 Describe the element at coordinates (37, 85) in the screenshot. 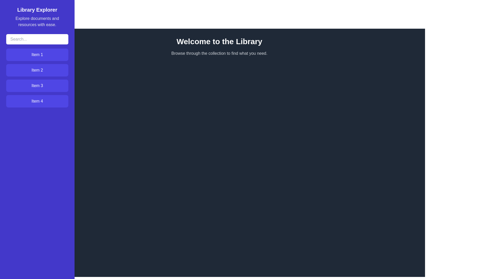

I see `the menu item Item 3 to see its hover effect` at that location.